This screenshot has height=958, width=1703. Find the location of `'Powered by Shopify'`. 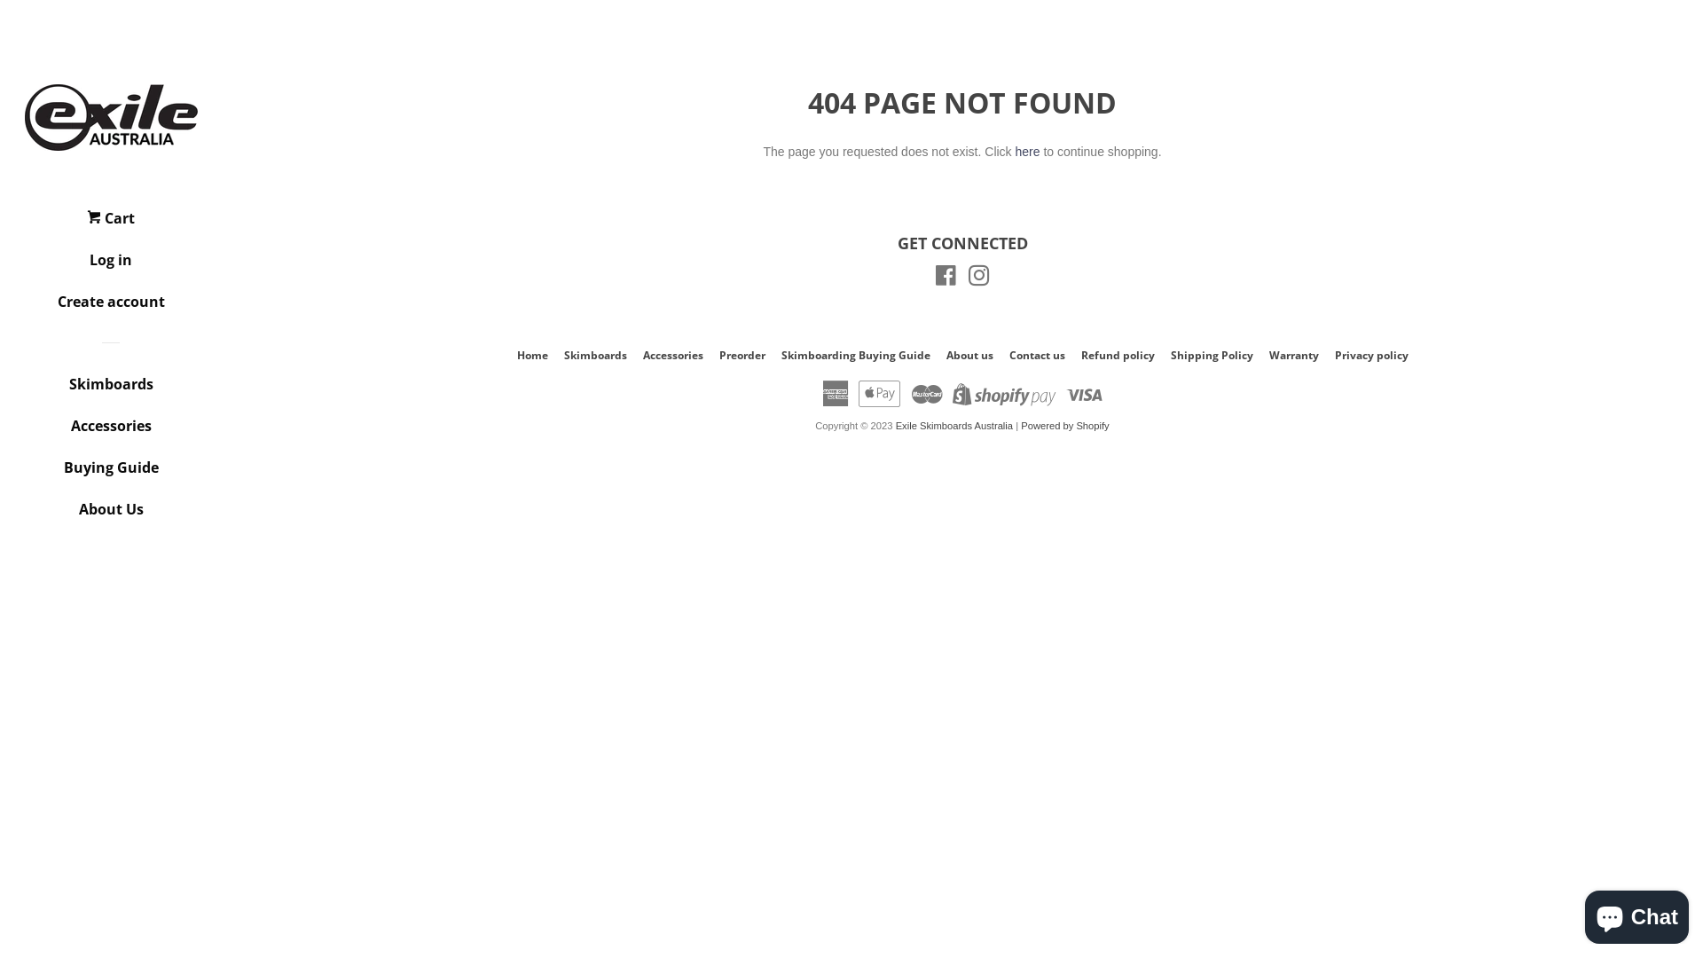

'Powered by Shopify' is located at coordinates (1064, 425).